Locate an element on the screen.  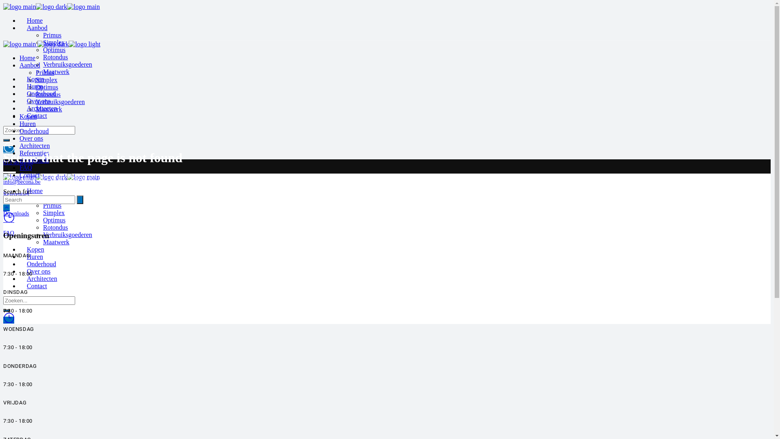
'Home' is located at coordinates (27, 57).